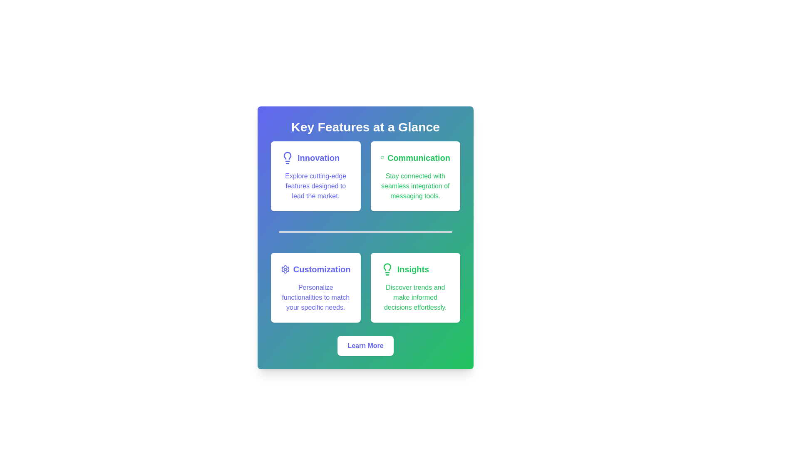  I want to click on the Informational card with a green lightbulb icon and the title 'Insights' located in the bottom-right section of the grid layout, so click(415, 287).